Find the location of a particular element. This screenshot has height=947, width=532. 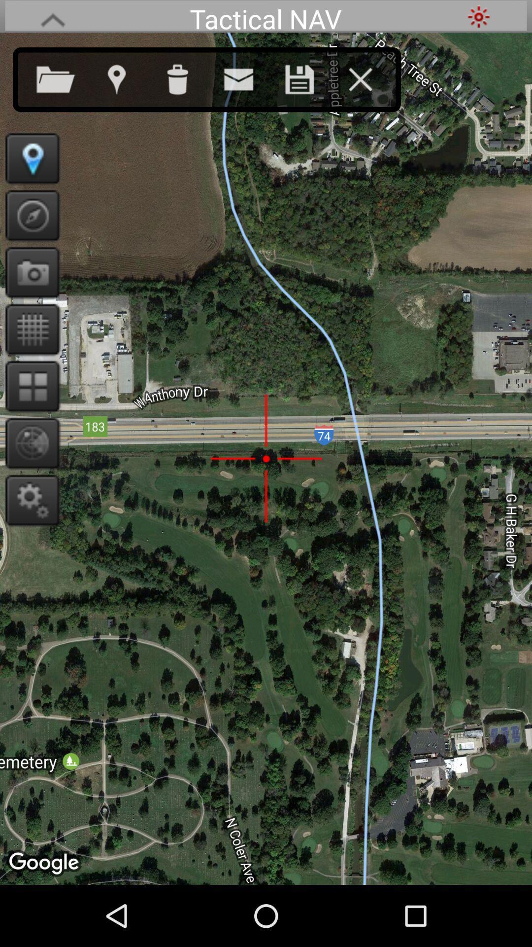

the email icon is located at coordinates (248, 83).